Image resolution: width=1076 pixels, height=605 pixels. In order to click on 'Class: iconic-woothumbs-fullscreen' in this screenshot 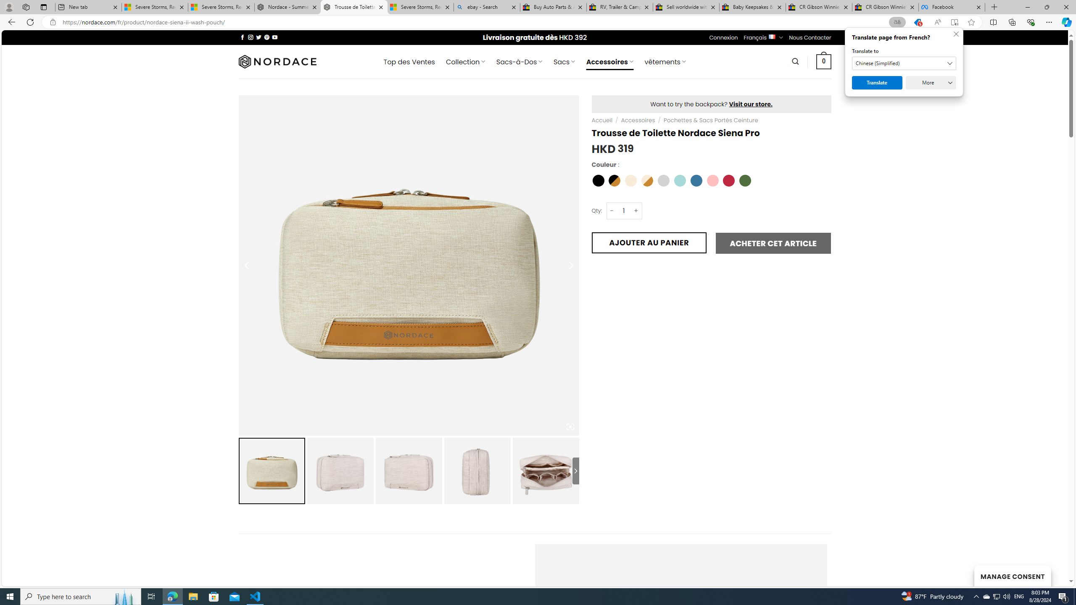, I will do `click(570, 426)`.